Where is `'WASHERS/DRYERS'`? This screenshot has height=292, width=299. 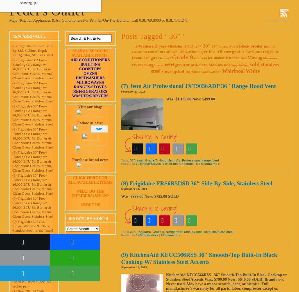 'WASHERS/DRYERS' is located at coordinates (90, 96).